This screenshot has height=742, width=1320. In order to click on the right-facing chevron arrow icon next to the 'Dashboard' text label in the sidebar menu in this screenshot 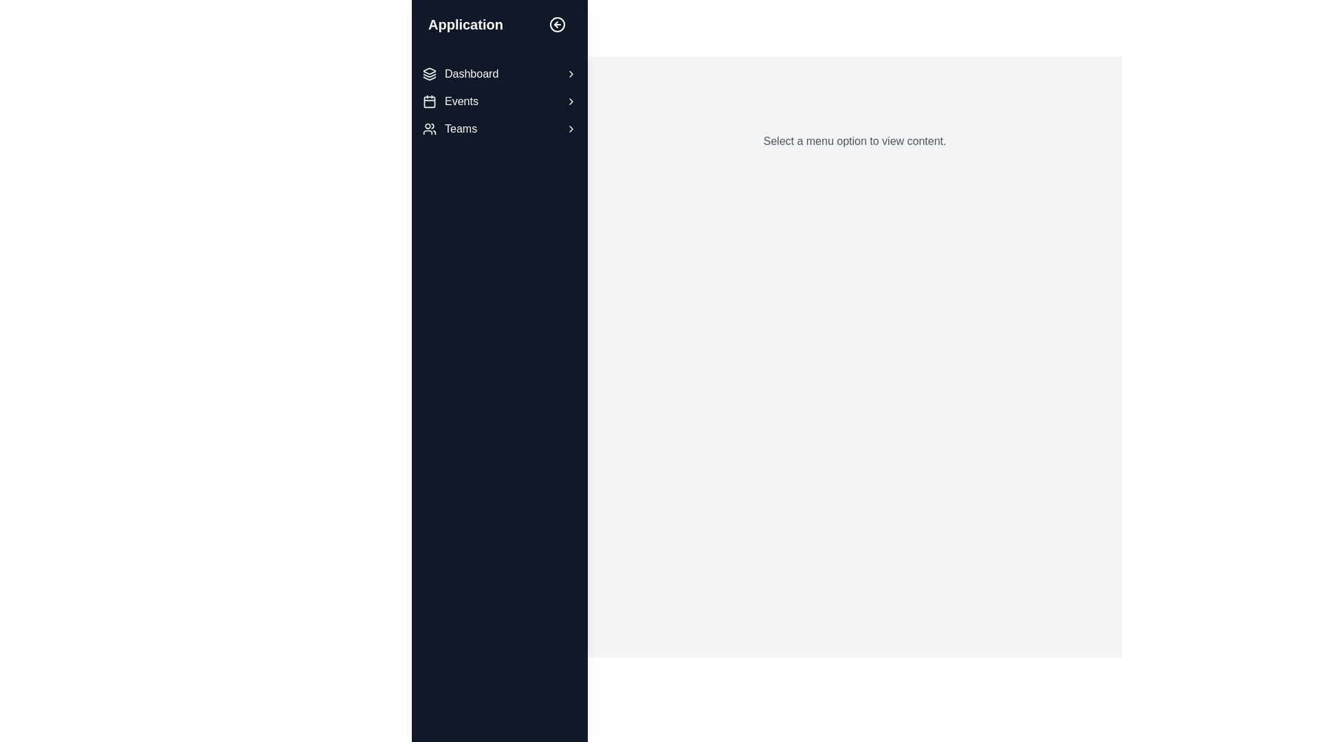, I will do `click(571, 74)`.